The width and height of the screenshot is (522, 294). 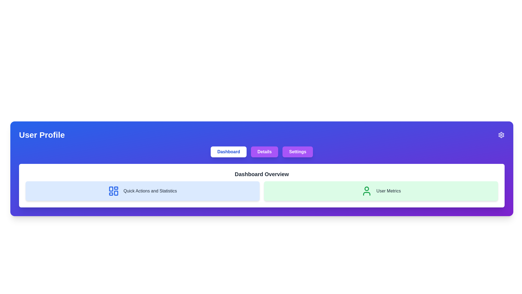 What do you see at coordinates (265, 152) in the screenshot?
I see `the central button located between the 'Dashboard' and 'Settings' buttons` at bounding box center [265, 152].